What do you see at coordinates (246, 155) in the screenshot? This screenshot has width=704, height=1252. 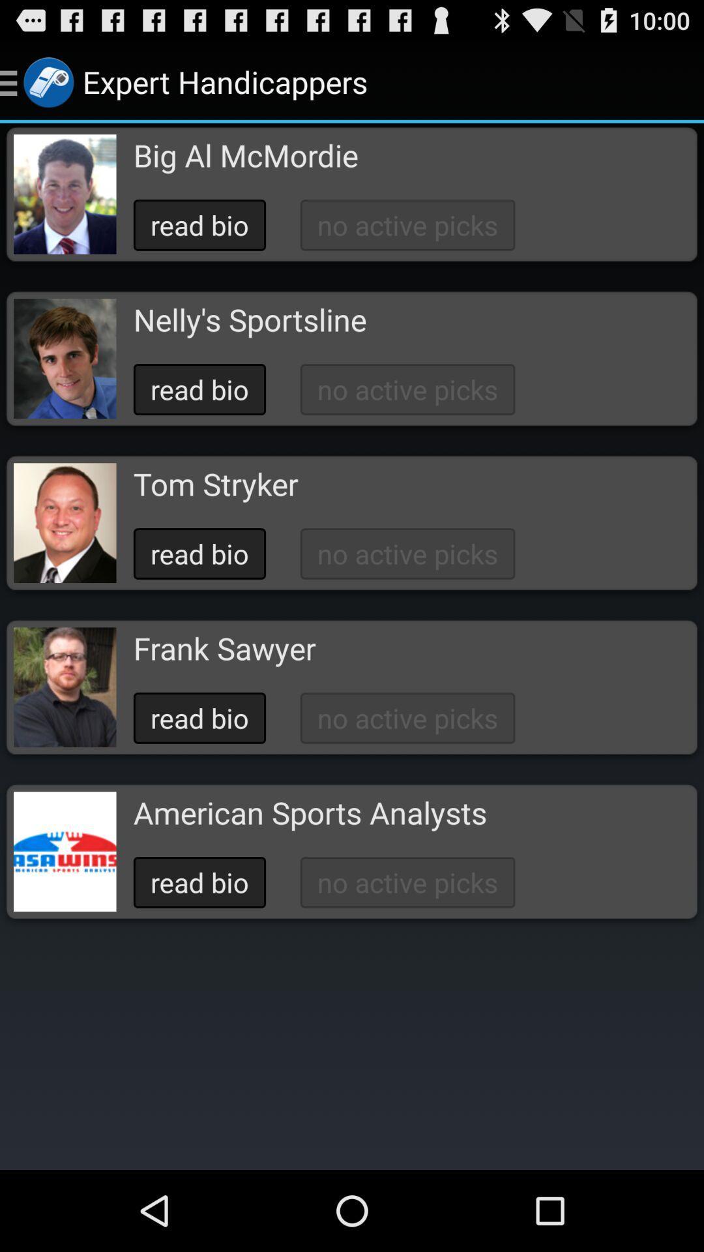 I see `big al mcmordie item` at bounding box center [246, 155].